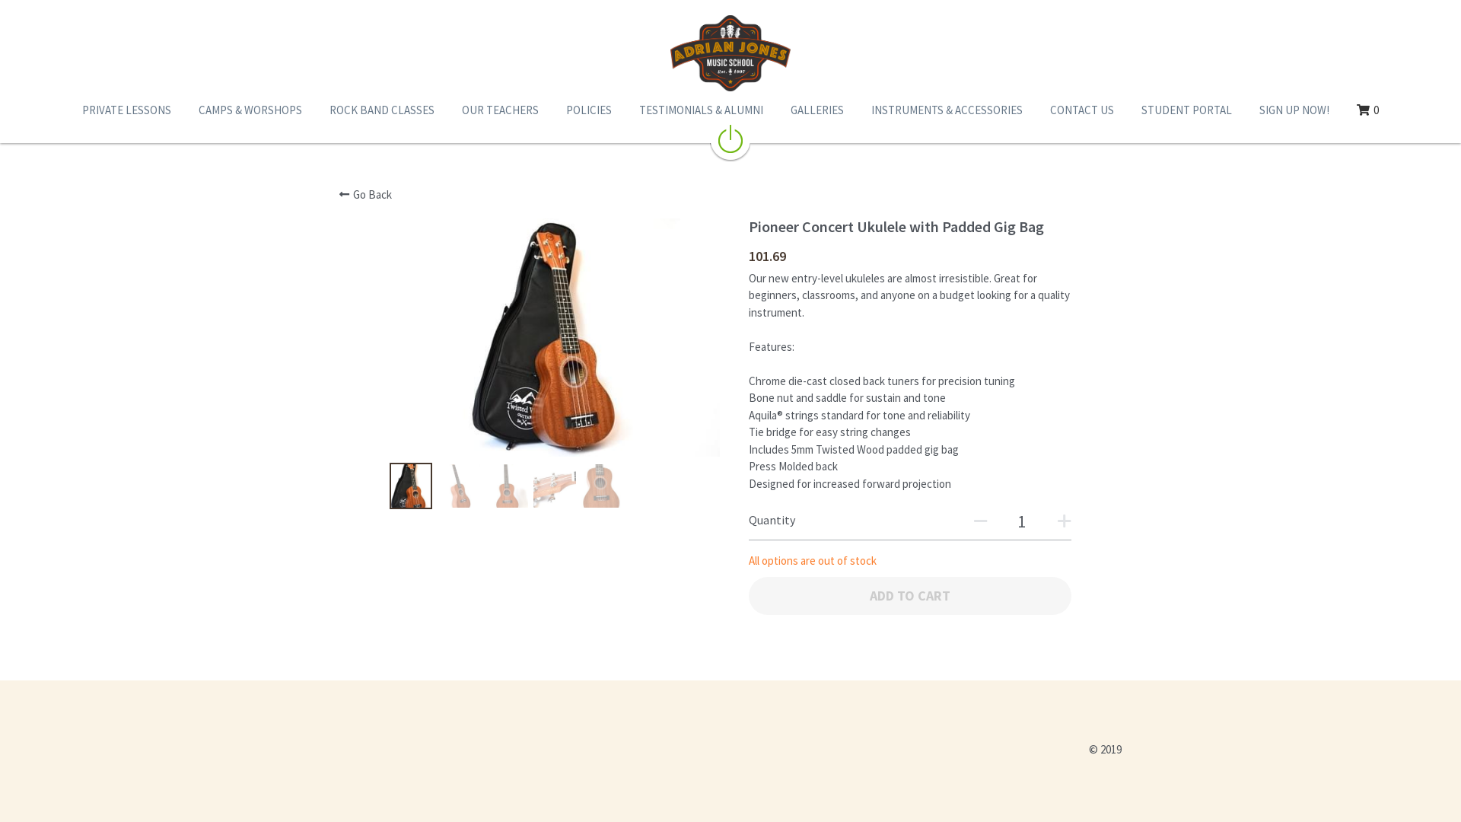 Image resolution: width=1461 pixels, height=822 pixels. Describe the element at coordinates (565, 110) in the screenshot. I see `'POLICIES'` at that location.